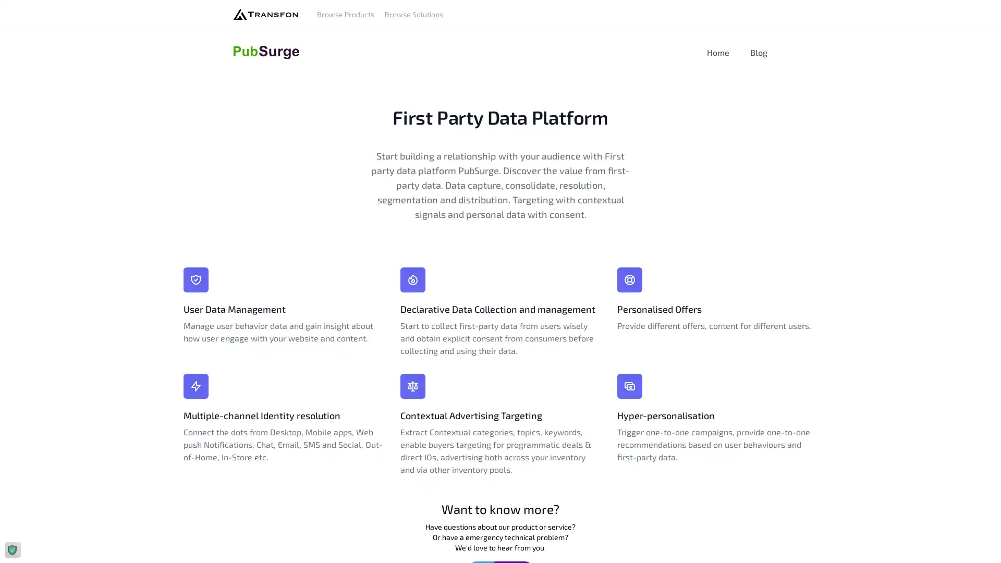  I want to click on Agree and proceed, so click(188, 544).